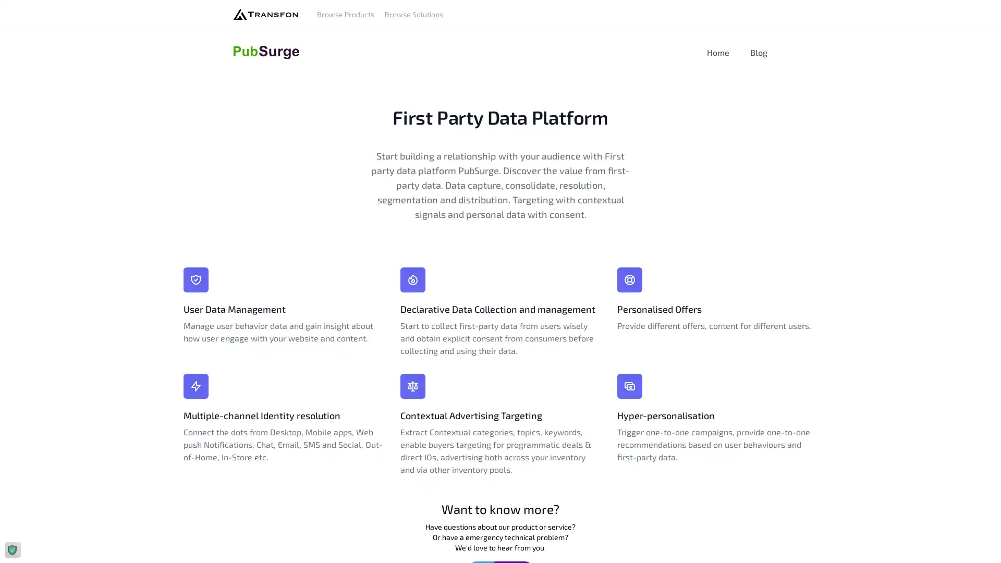  I want to click on Agree and proceed, so click(188, 544).